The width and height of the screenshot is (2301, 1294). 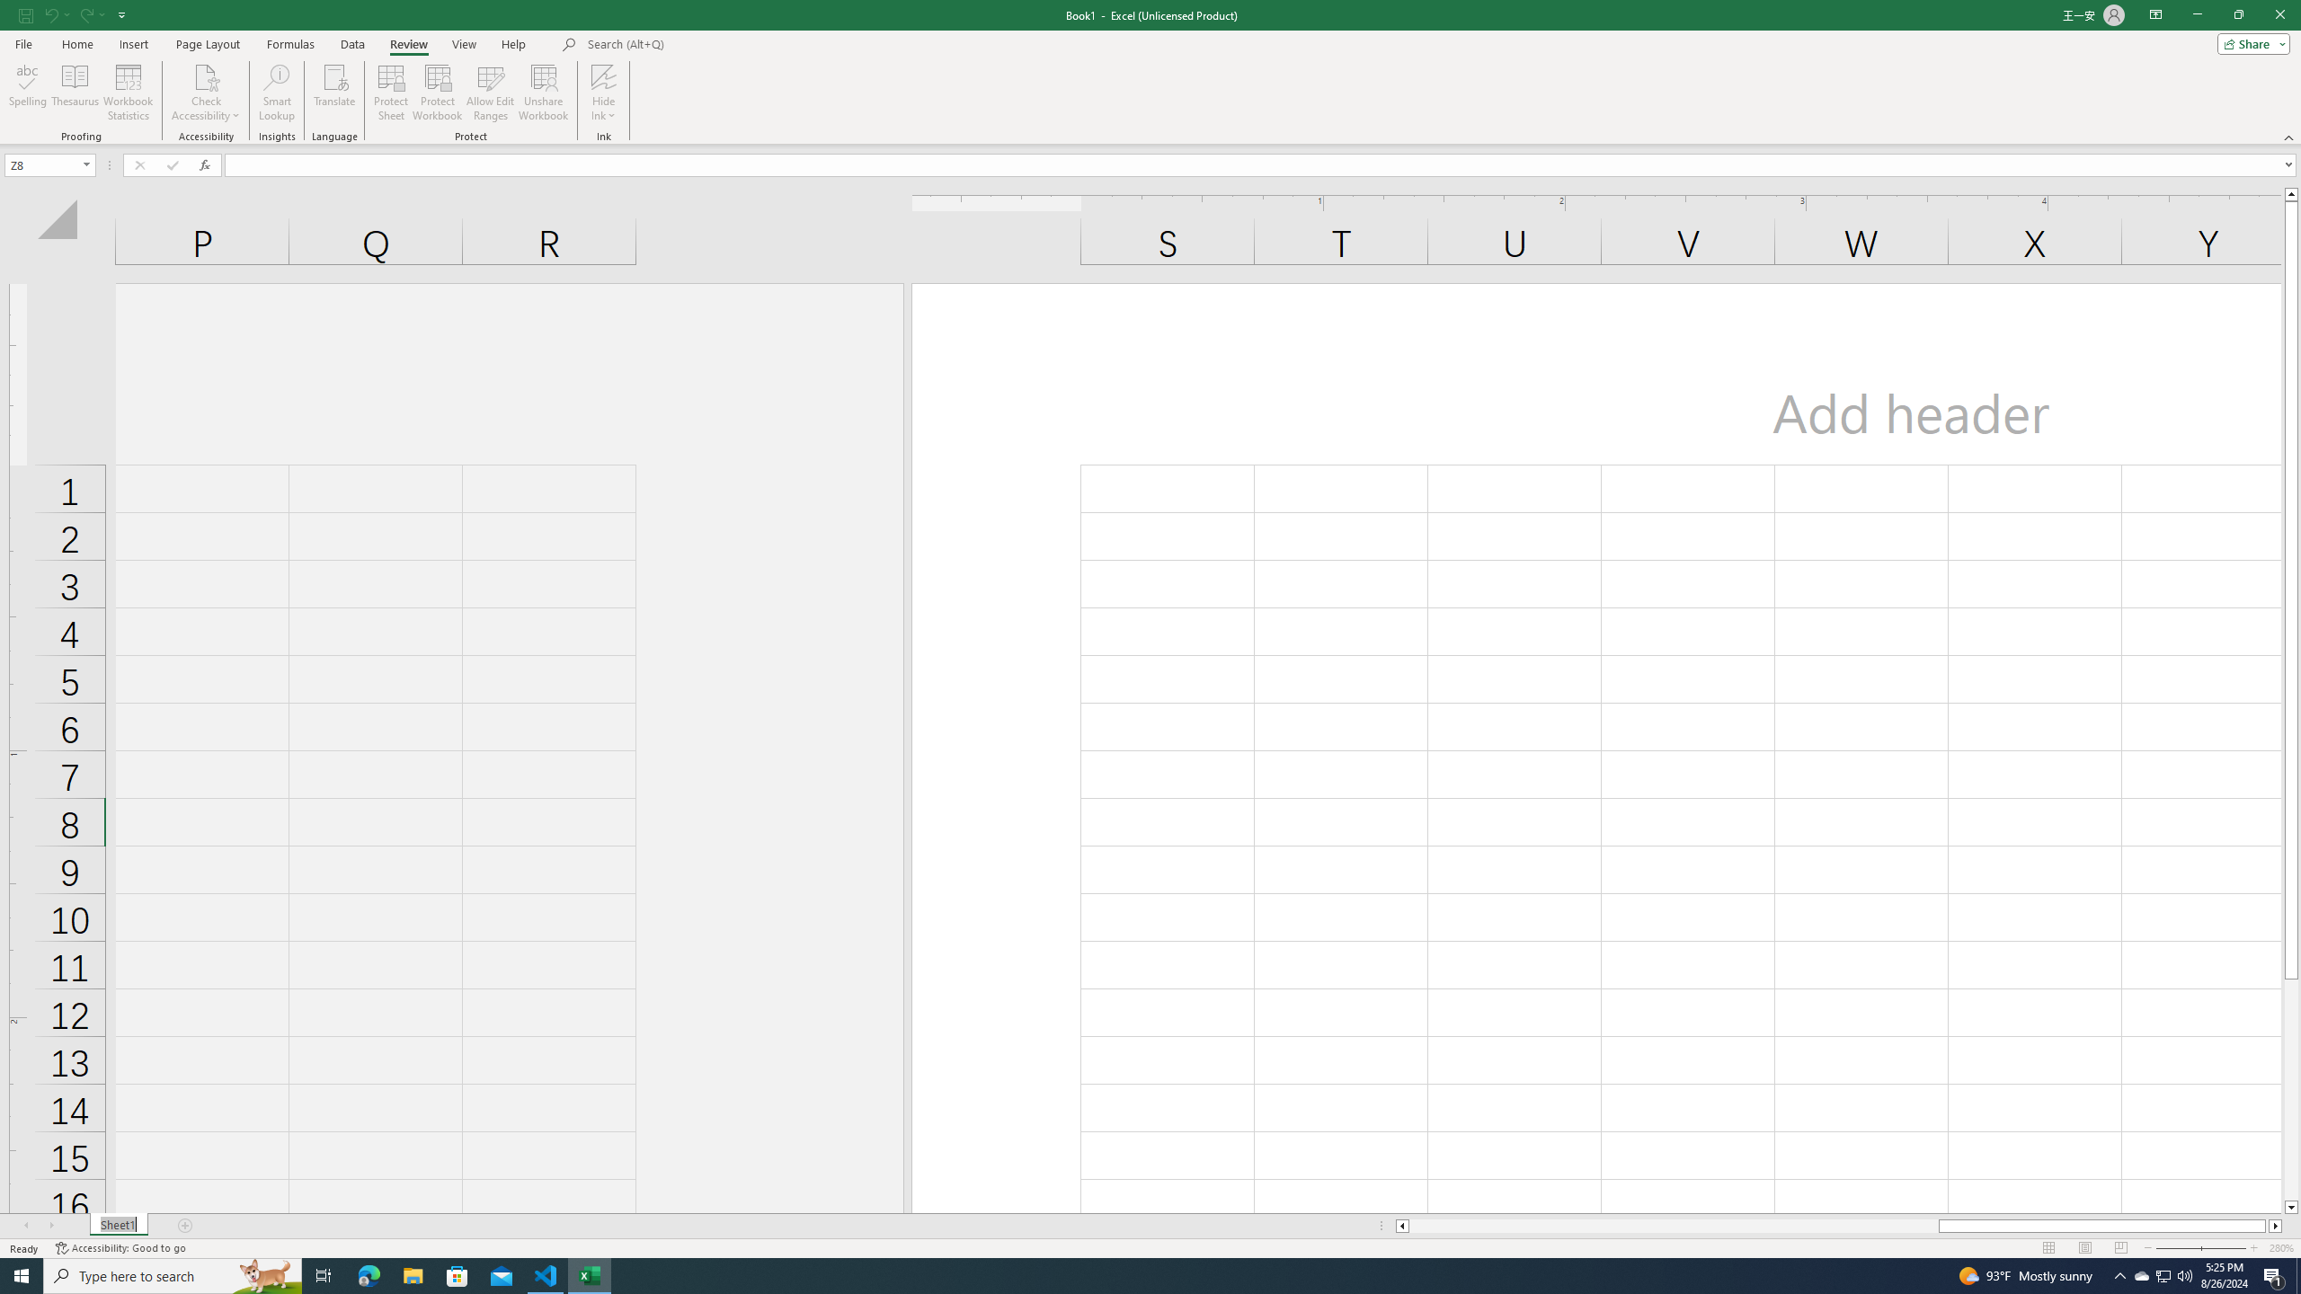 I want to click on 'Review', so click(x=407, y=44).